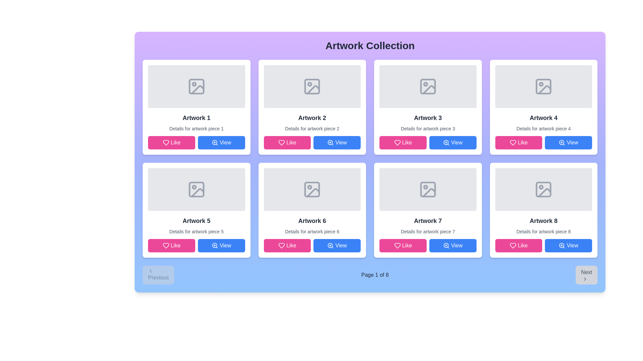 This screenshot has width=643, height=361. I want to click on the zoom-in icon located within the 'View' button below the 'Artwork 6' card in the second row, third column of the grid layout, so click(331, 246).